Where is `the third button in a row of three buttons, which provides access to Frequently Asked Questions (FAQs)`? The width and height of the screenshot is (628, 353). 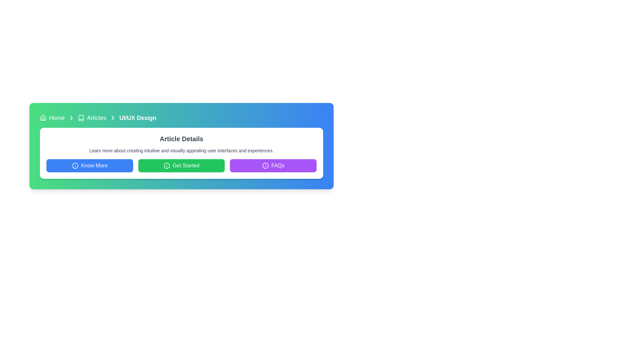 the third button in a row of three buttons, which provides access to Frequently Asked Questions (FAQs) is located at coordinates (273, 165).